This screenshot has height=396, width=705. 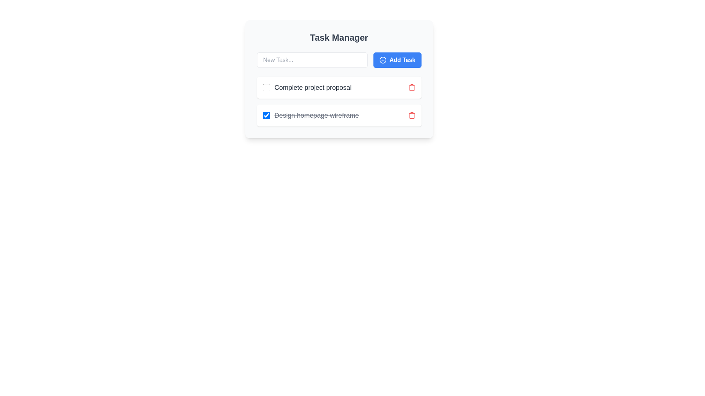 What do you see at coordinates (412, 87) in the screenshot?
I see `the trash icon associated with the task 'Complete project proposal' to delete it` at bounding box center [412, 87].